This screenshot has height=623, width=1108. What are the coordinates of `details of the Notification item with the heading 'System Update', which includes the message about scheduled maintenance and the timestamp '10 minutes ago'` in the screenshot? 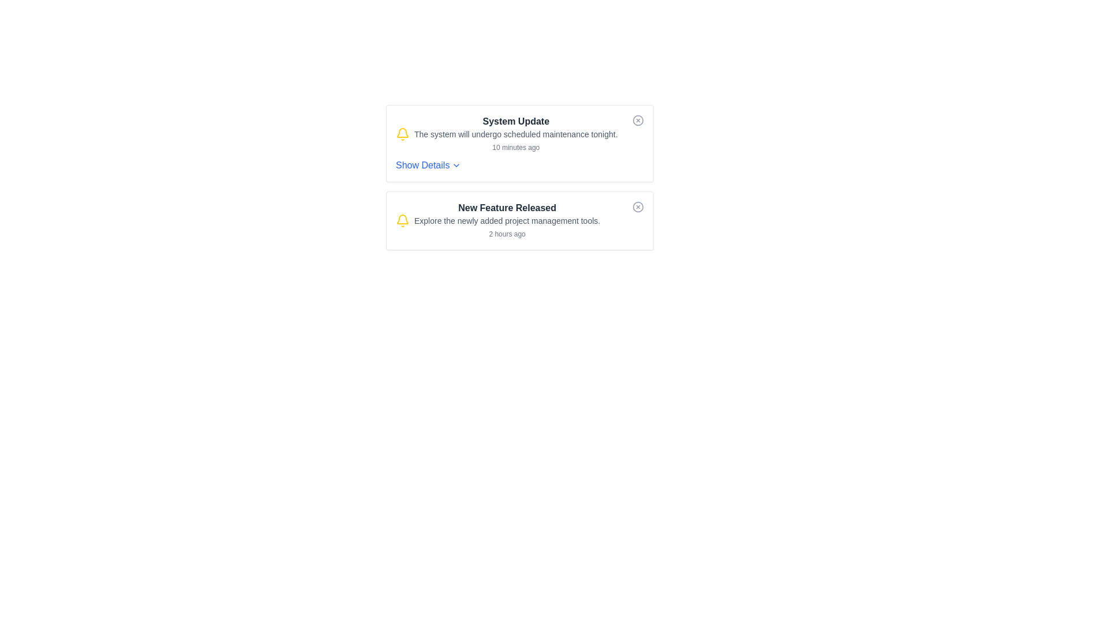 It's located at (519, 133).